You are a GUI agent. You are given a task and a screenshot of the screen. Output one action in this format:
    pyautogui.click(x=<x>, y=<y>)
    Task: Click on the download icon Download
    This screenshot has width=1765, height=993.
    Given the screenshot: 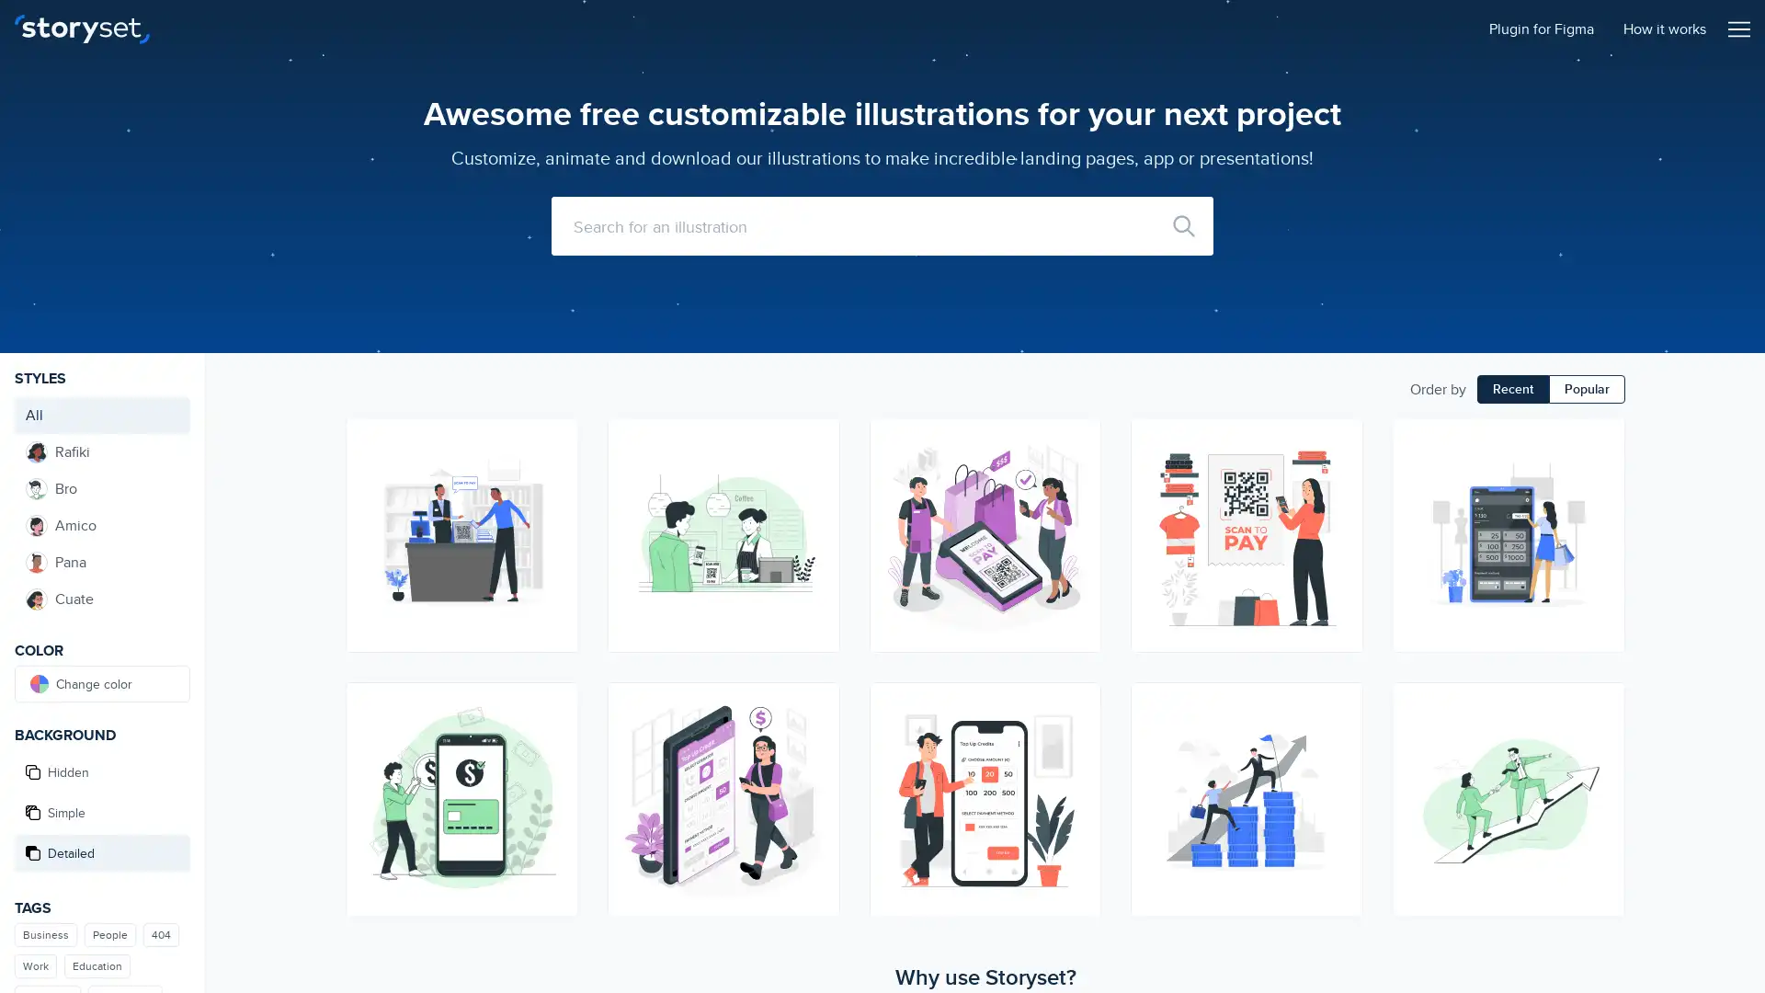 What is the action you would take?
    pyautogui.click(x=1077, y=474)
    